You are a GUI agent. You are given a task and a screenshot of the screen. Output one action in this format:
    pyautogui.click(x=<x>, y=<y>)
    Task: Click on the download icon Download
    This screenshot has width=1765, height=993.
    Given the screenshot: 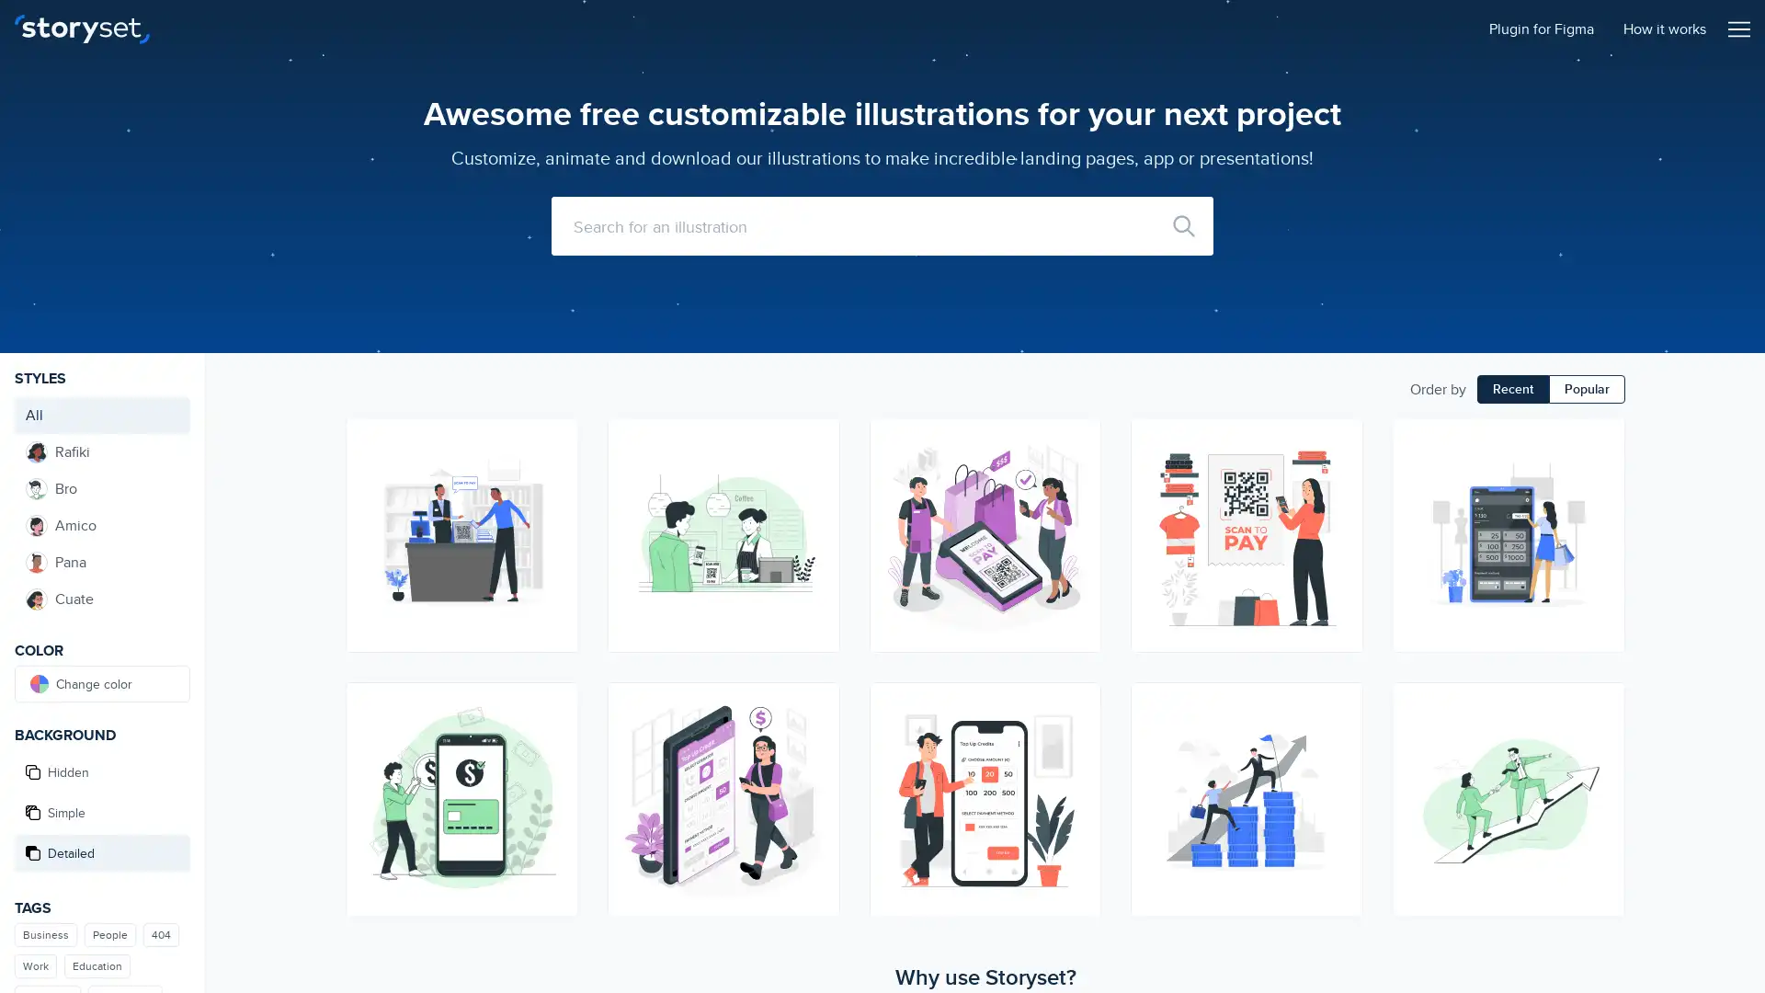 What is the action you would take?
    pyautogui.click(x=1077, y=474)
    